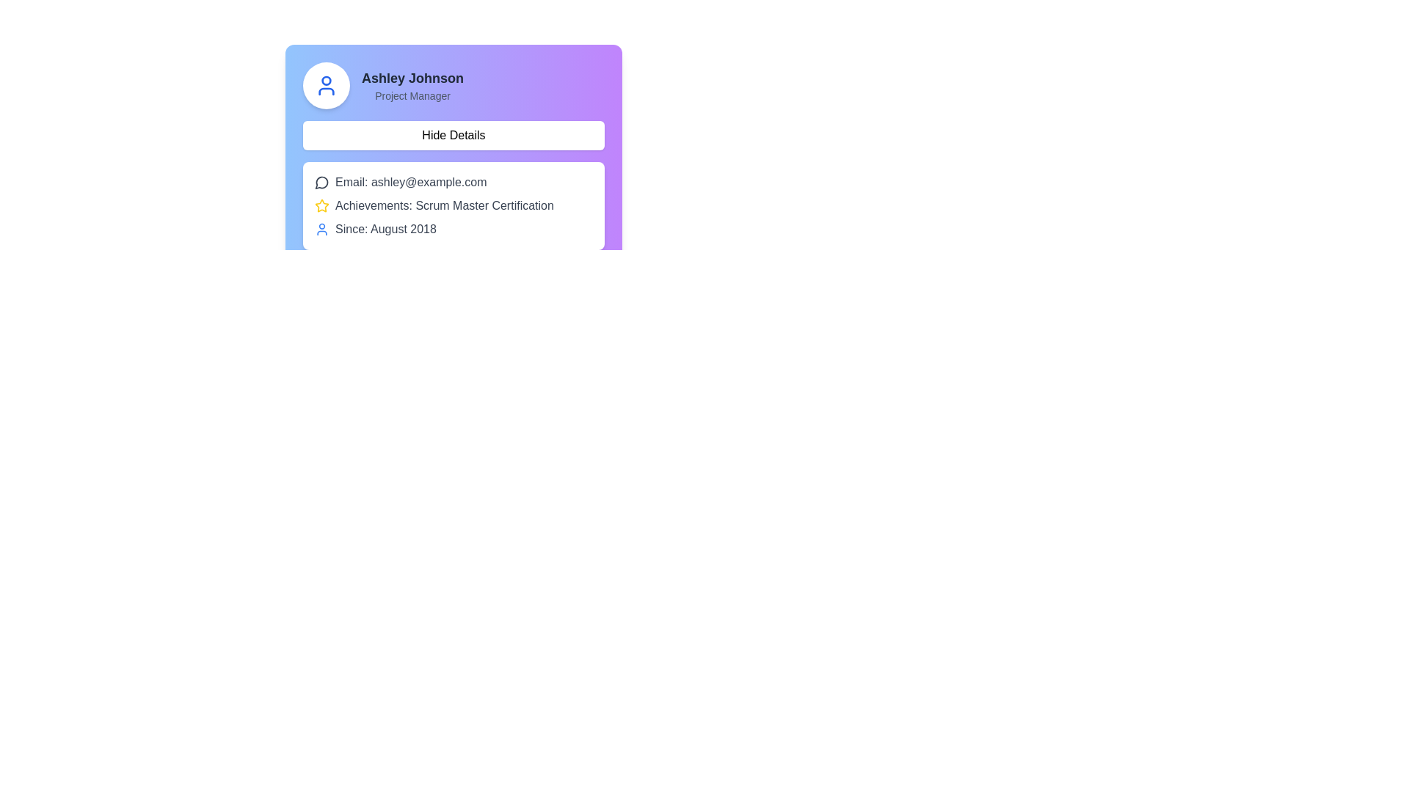 This screenshot has height=792, width=1409. What do you see at coordinates (411, 182) in the screenshot?
I see `the text label displaying 'Email: ashley@example.com'` at bounding box center [411, 182].